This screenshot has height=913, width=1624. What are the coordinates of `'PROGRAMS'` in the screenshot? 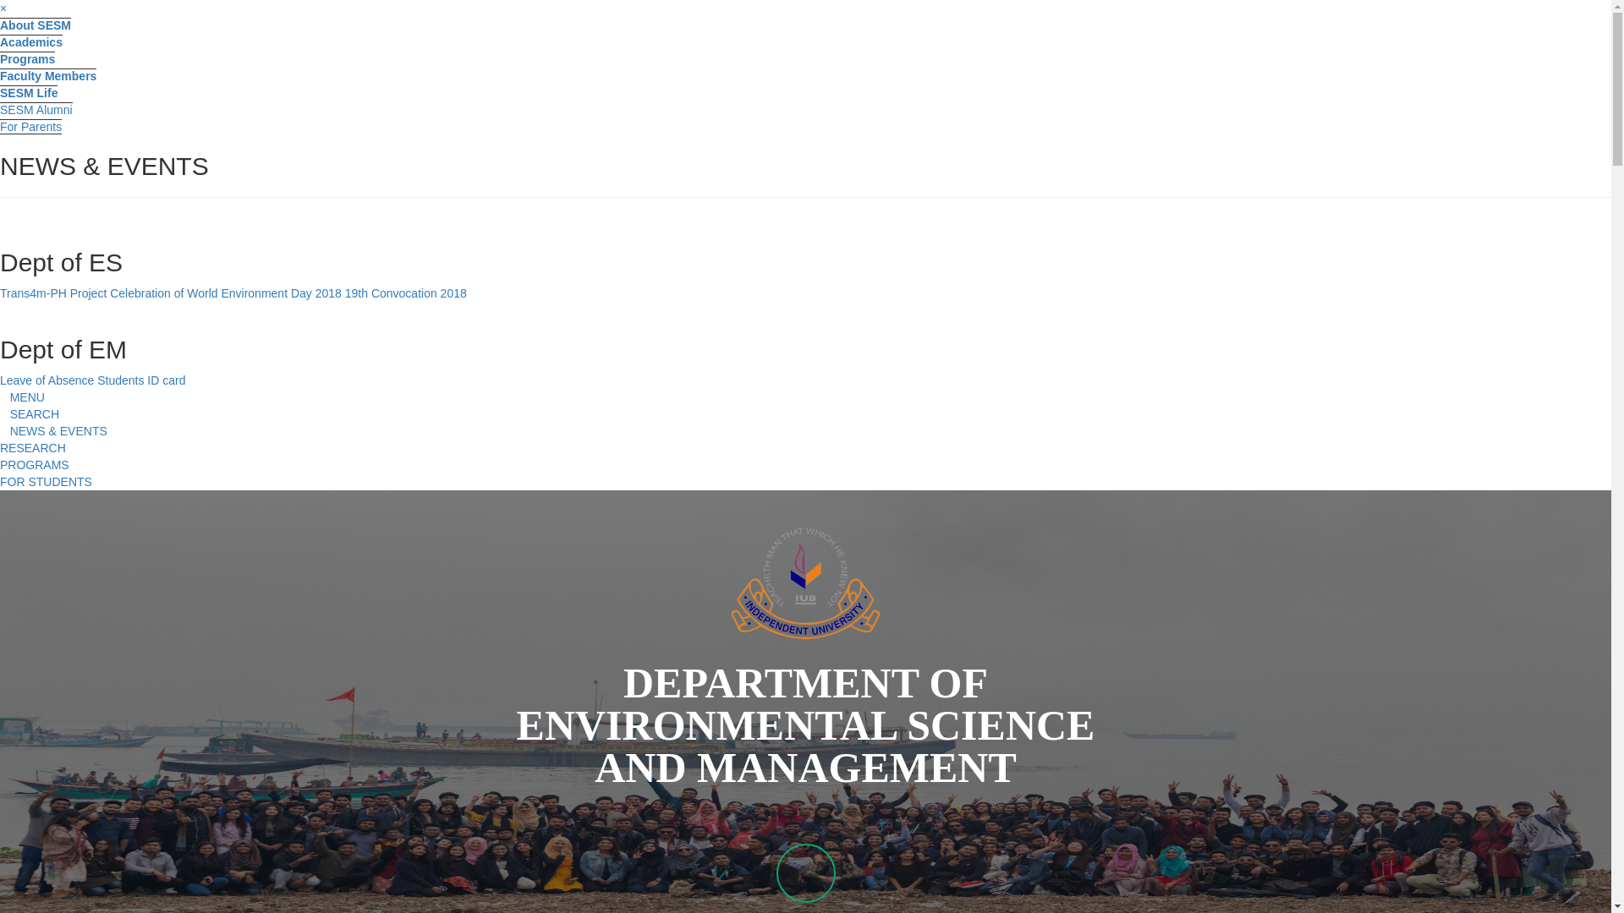 It's located at (35, 465).